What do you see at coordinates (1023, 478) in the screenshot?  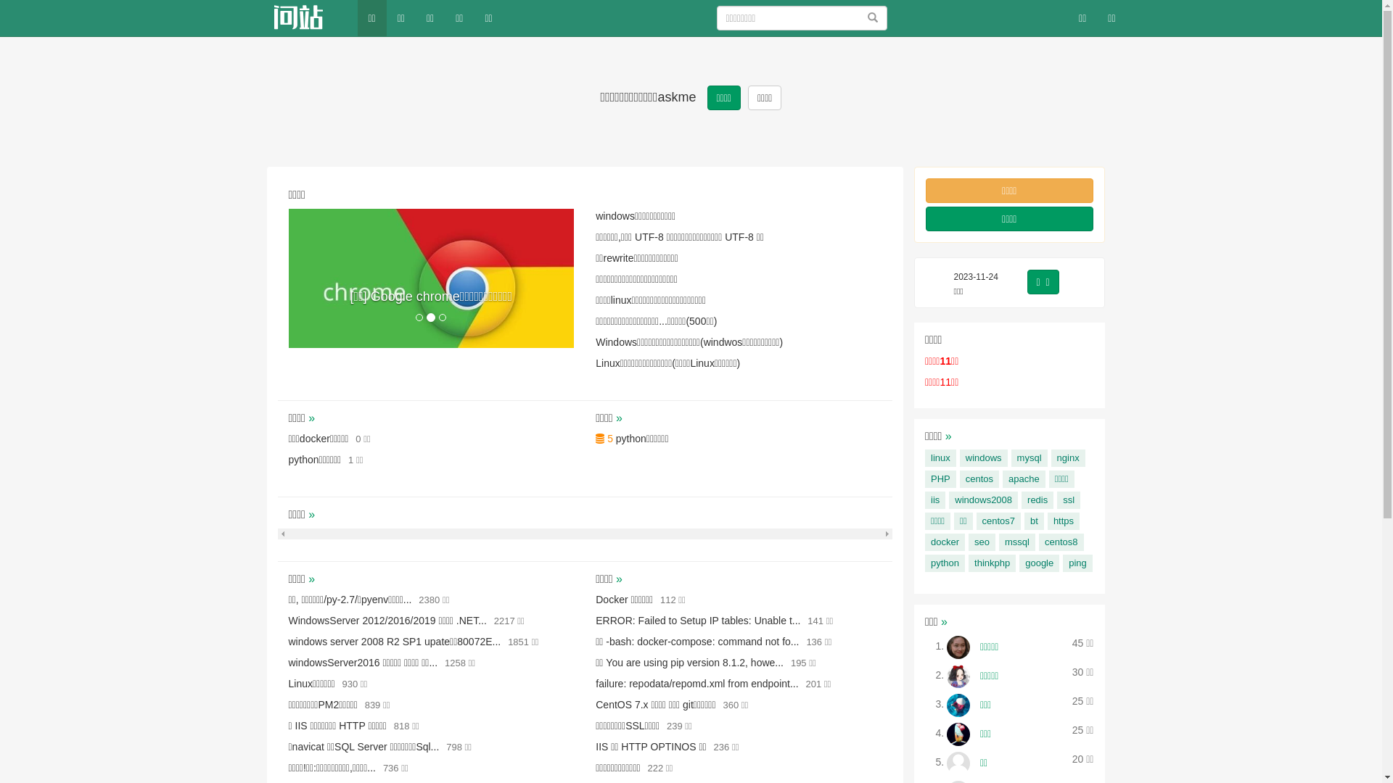 I see `'apache'` at bounding box center [1023, 478].